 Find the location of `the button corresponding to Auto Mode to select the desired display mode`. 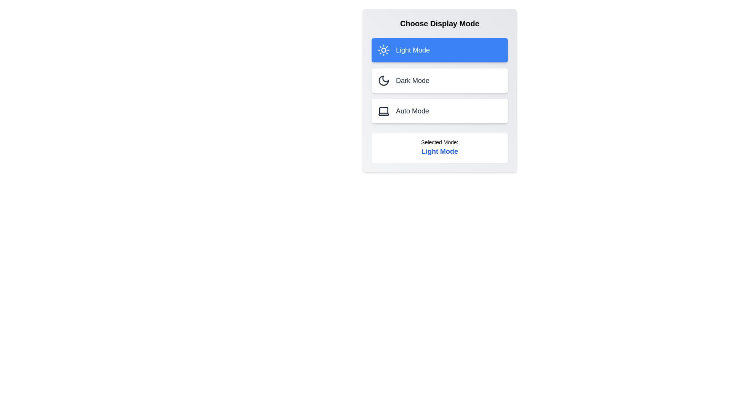

the button corresponding to Auto Mode to select the desired display mode is located at coordinates (440, 111).